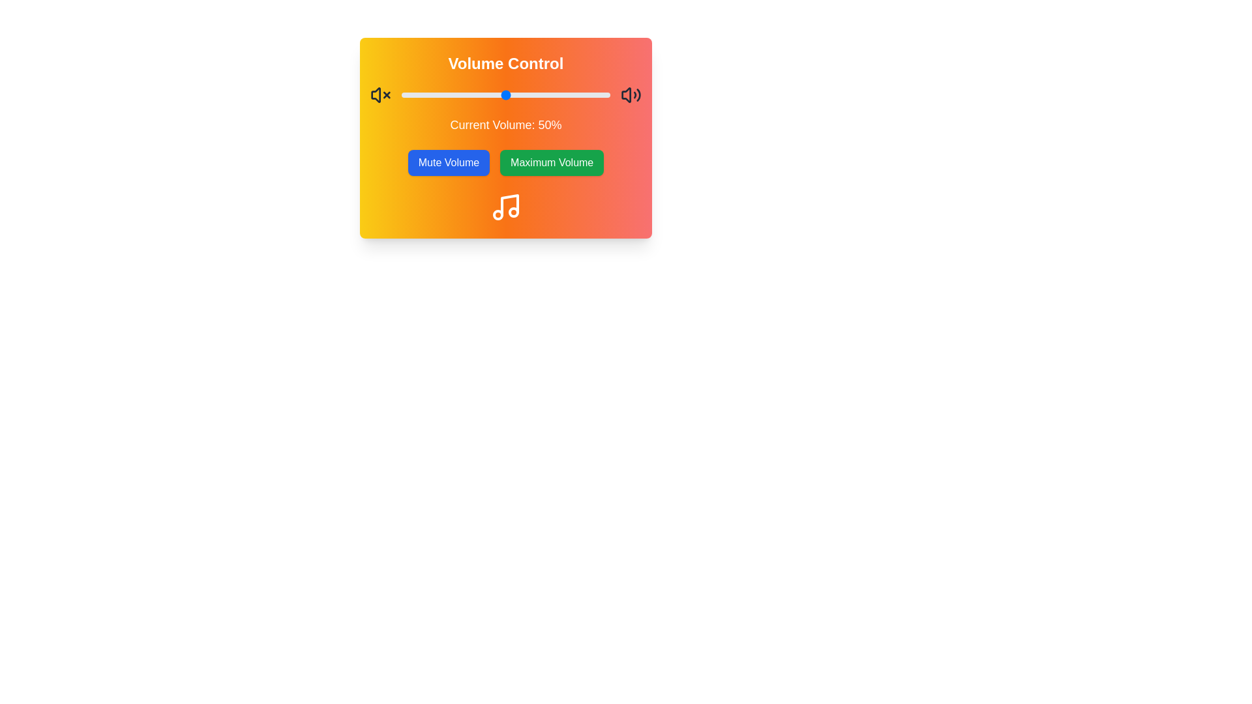 This screenshot has height=704, width=1252. I want to click on the volume slider to 52%, so click(509, 95).